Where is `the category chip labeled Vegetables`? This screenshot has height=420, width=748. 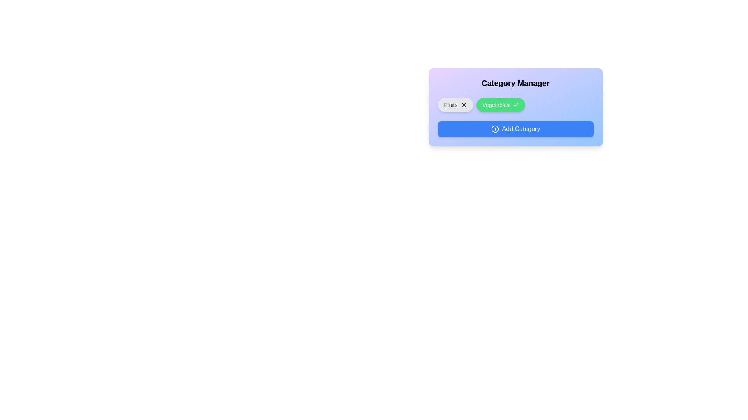
the category chip labeled Vegetables is located at coordinates (501, 105).